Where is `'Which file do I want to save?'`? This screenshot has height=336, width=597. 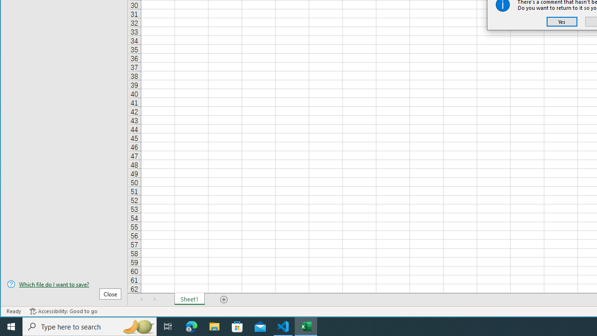 'Which file do I want to save?' is located at coordinates (63, 284).